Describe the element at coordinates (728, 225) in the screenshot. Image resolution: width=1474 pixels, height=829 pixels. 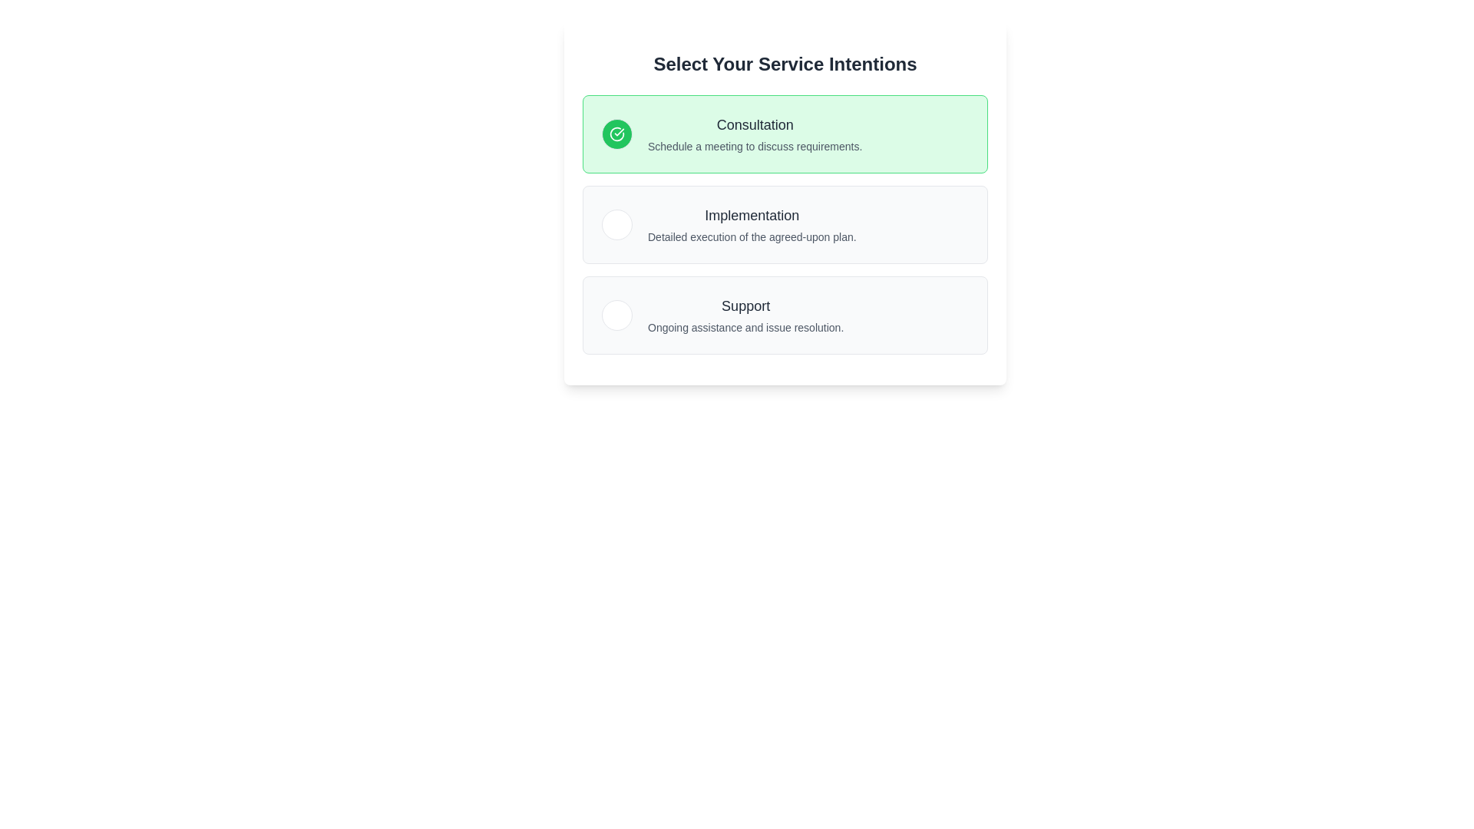
I see `to select the 'Implementation' option from the selectable list item located under the header 'Select Your Service Intentions'` at that location.